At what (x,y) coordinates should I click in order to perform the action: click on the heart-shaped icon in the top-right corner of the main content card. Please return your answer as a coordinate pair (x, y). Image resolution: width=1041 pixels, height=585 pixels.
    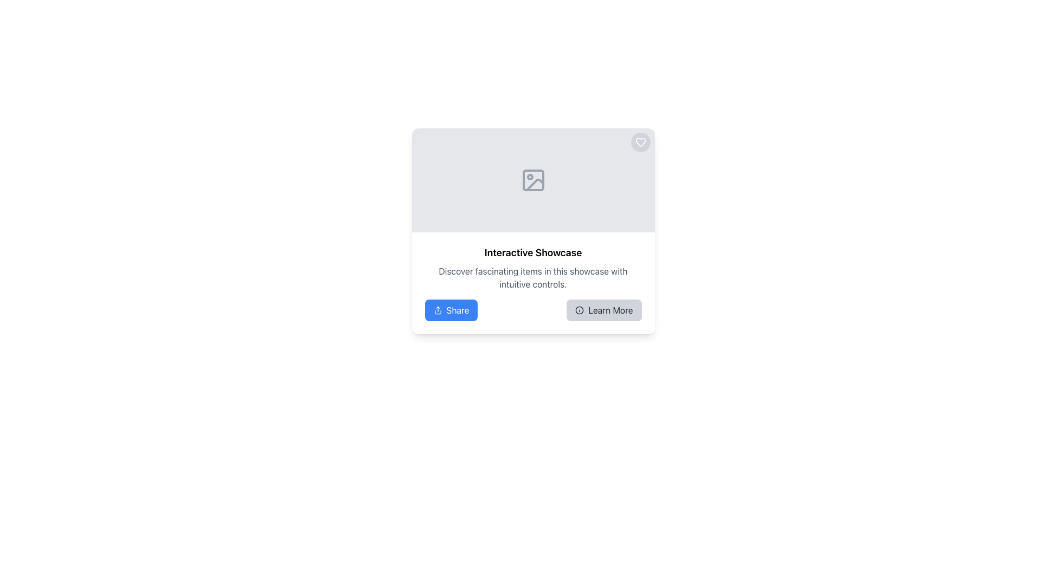
    Looking at the image, I should click on (640, 141).